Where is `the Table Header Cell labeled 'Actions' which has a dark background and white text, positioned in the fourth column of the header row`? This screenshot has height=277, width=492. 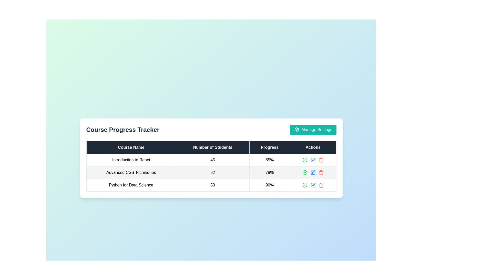
the Table Header Cell labeled 'Actions' which has a dark background and white text, positioned in the fourth column of the header row is located at coordinates (313, 147).